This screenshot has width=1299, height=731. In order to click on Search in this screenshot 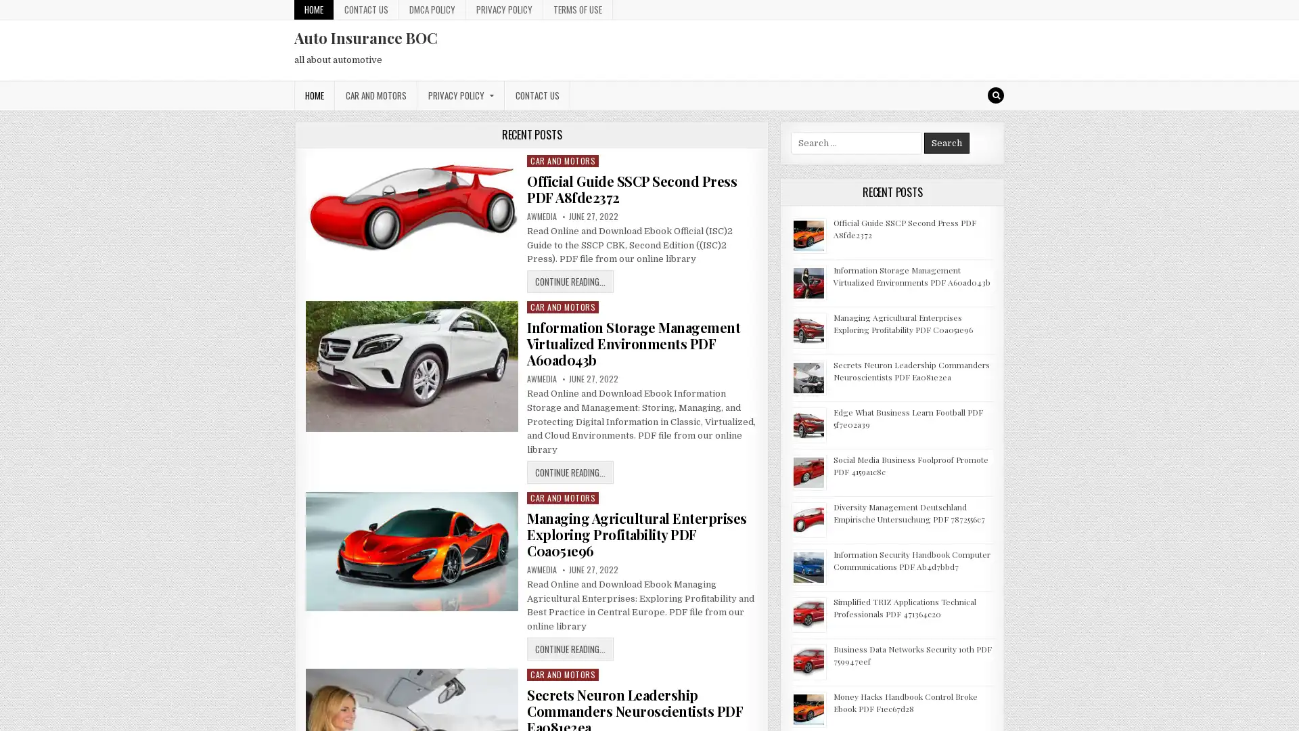, I will do `click(946, 143)`.